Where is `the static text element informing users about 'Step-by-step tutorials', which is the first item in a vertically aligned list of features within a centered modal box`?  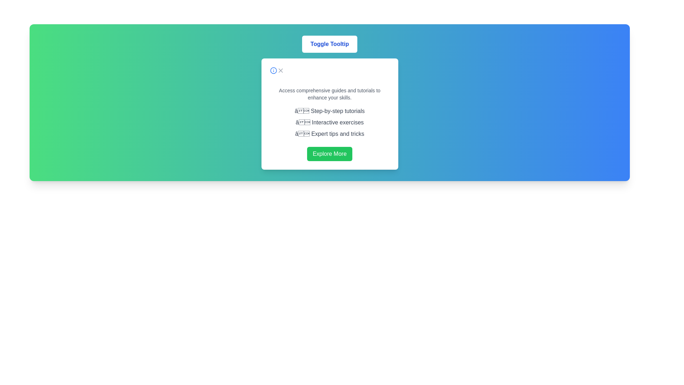 the static text element informing users about 'Step-by-step tutorials', which is the first item in a vertically aligned list of features within a centered modal box is located at coordinates (329, 111).